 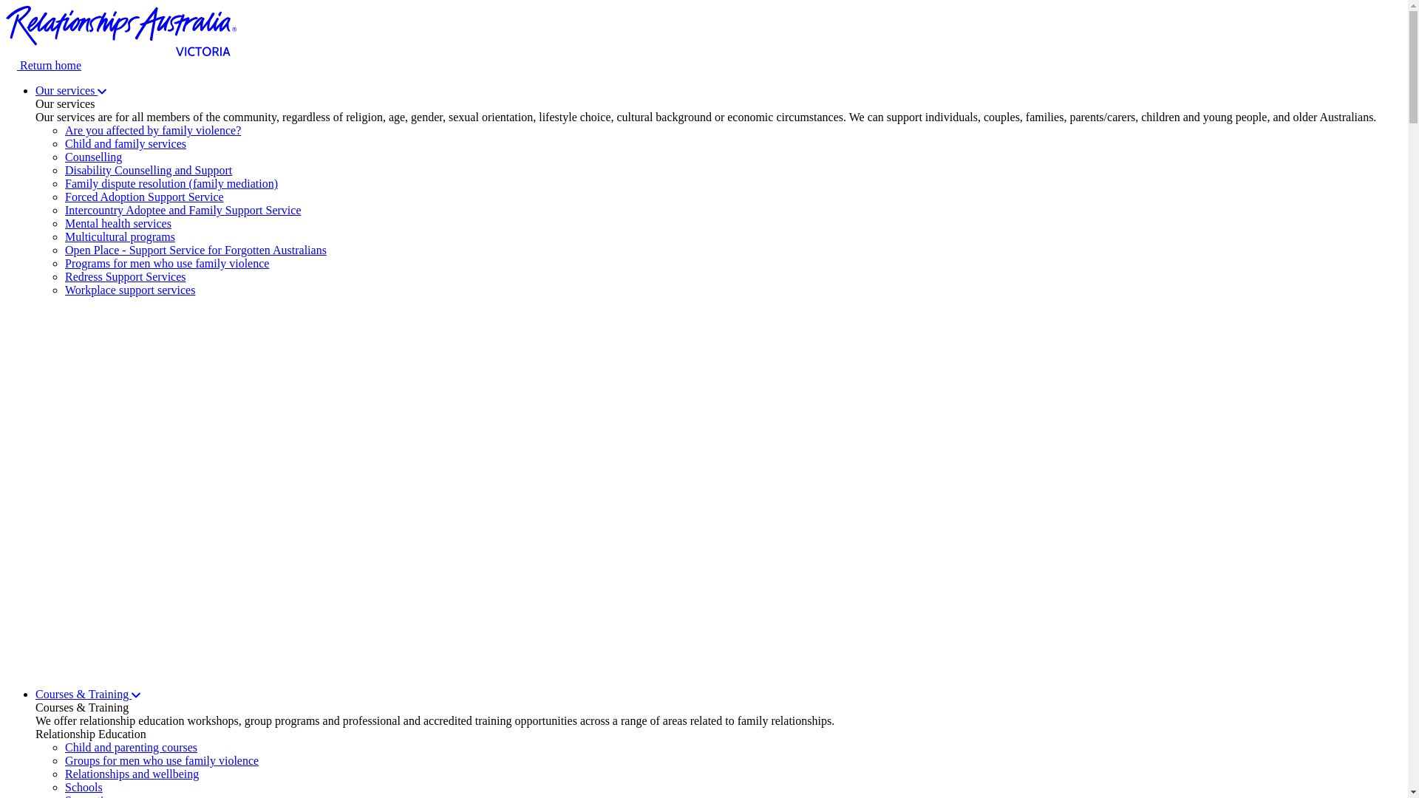 I want to click on 'Child and family services', so click(x=125, y=143).